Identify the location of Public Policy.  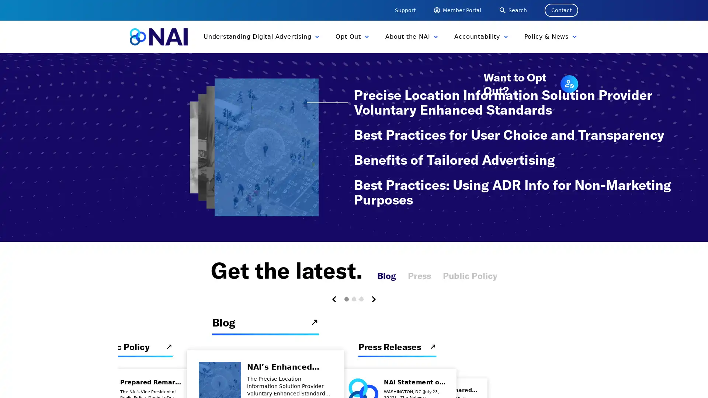
(469, 276).